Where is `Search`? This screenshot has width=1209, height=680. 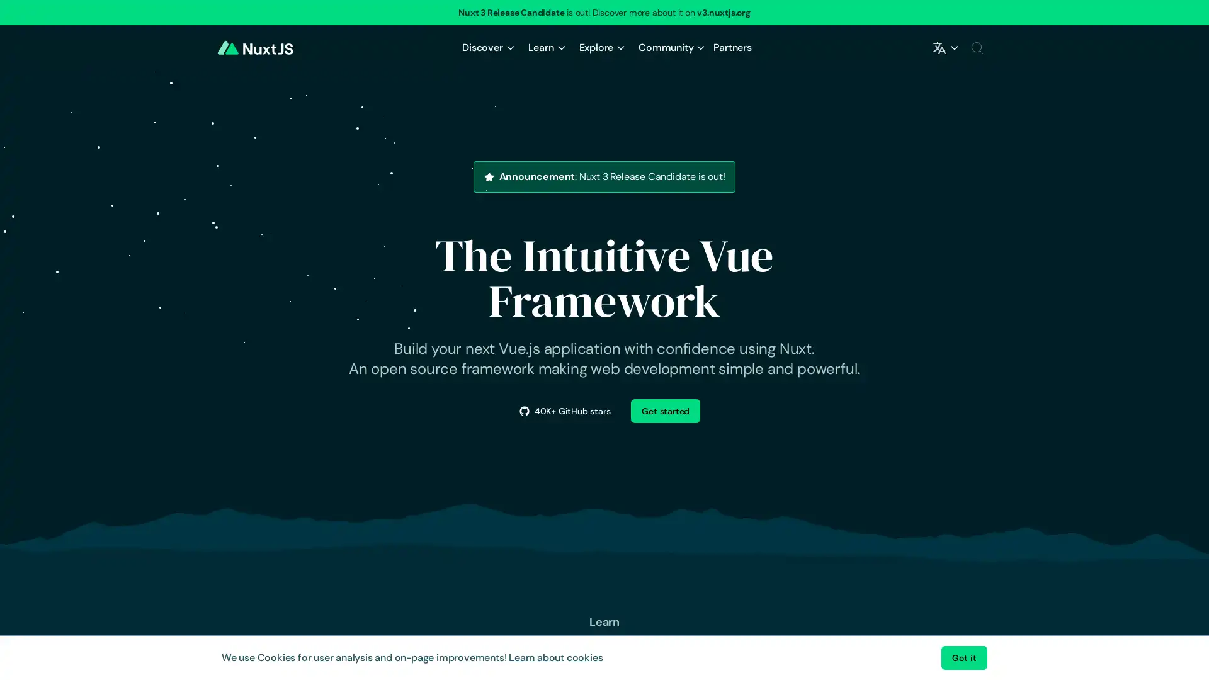
Search is located at coordinates (976, 47).